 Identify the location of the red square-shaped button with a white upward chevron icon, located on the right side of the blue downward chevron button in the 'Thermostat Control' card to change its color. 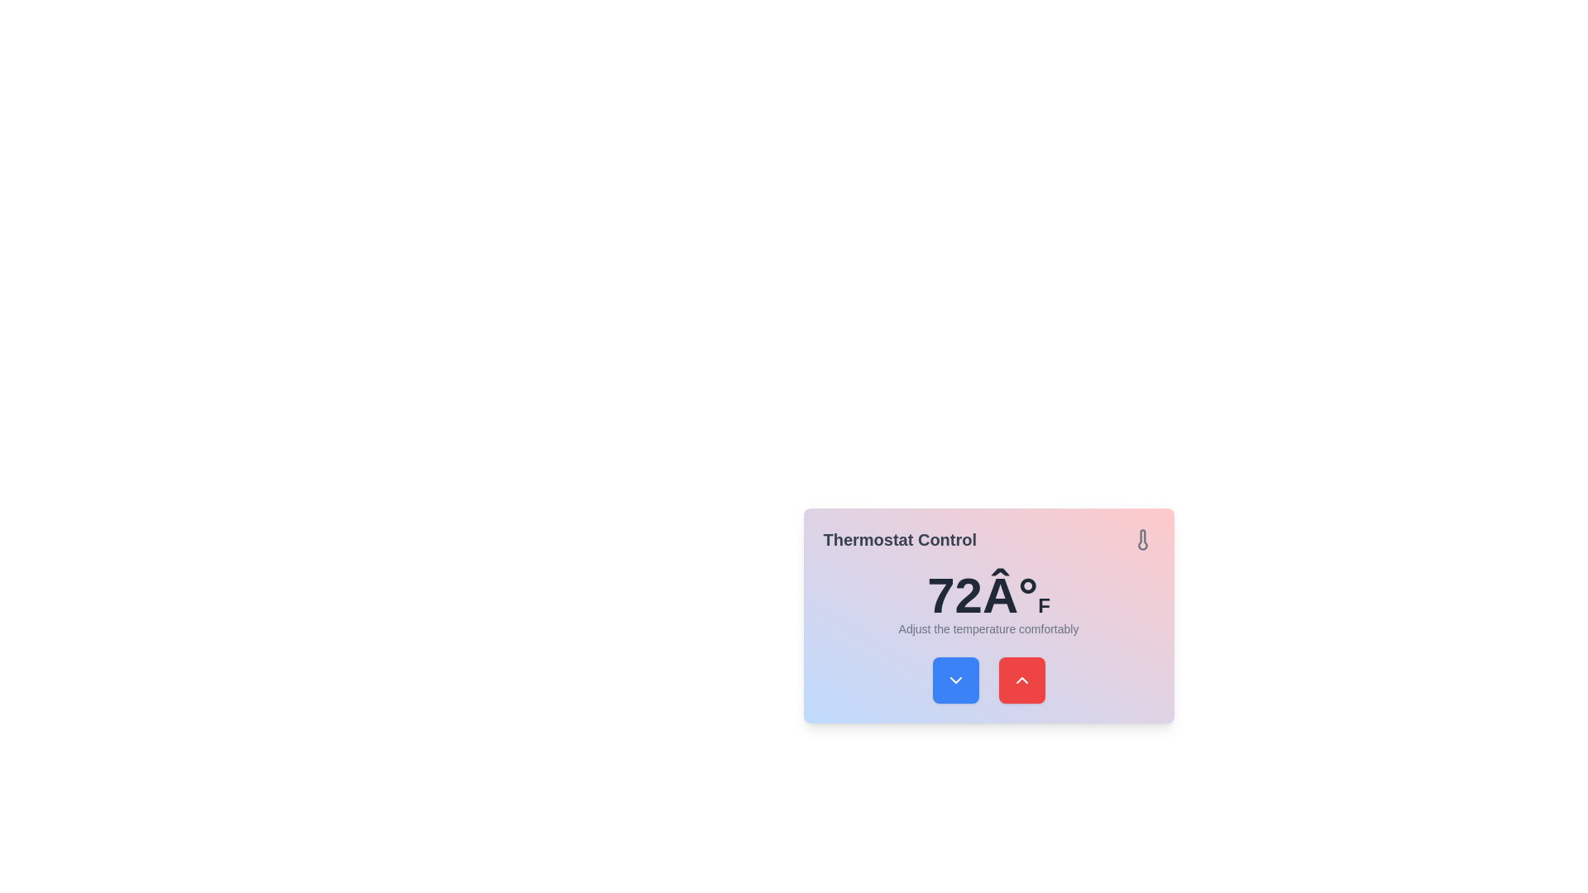
(1021, 680).